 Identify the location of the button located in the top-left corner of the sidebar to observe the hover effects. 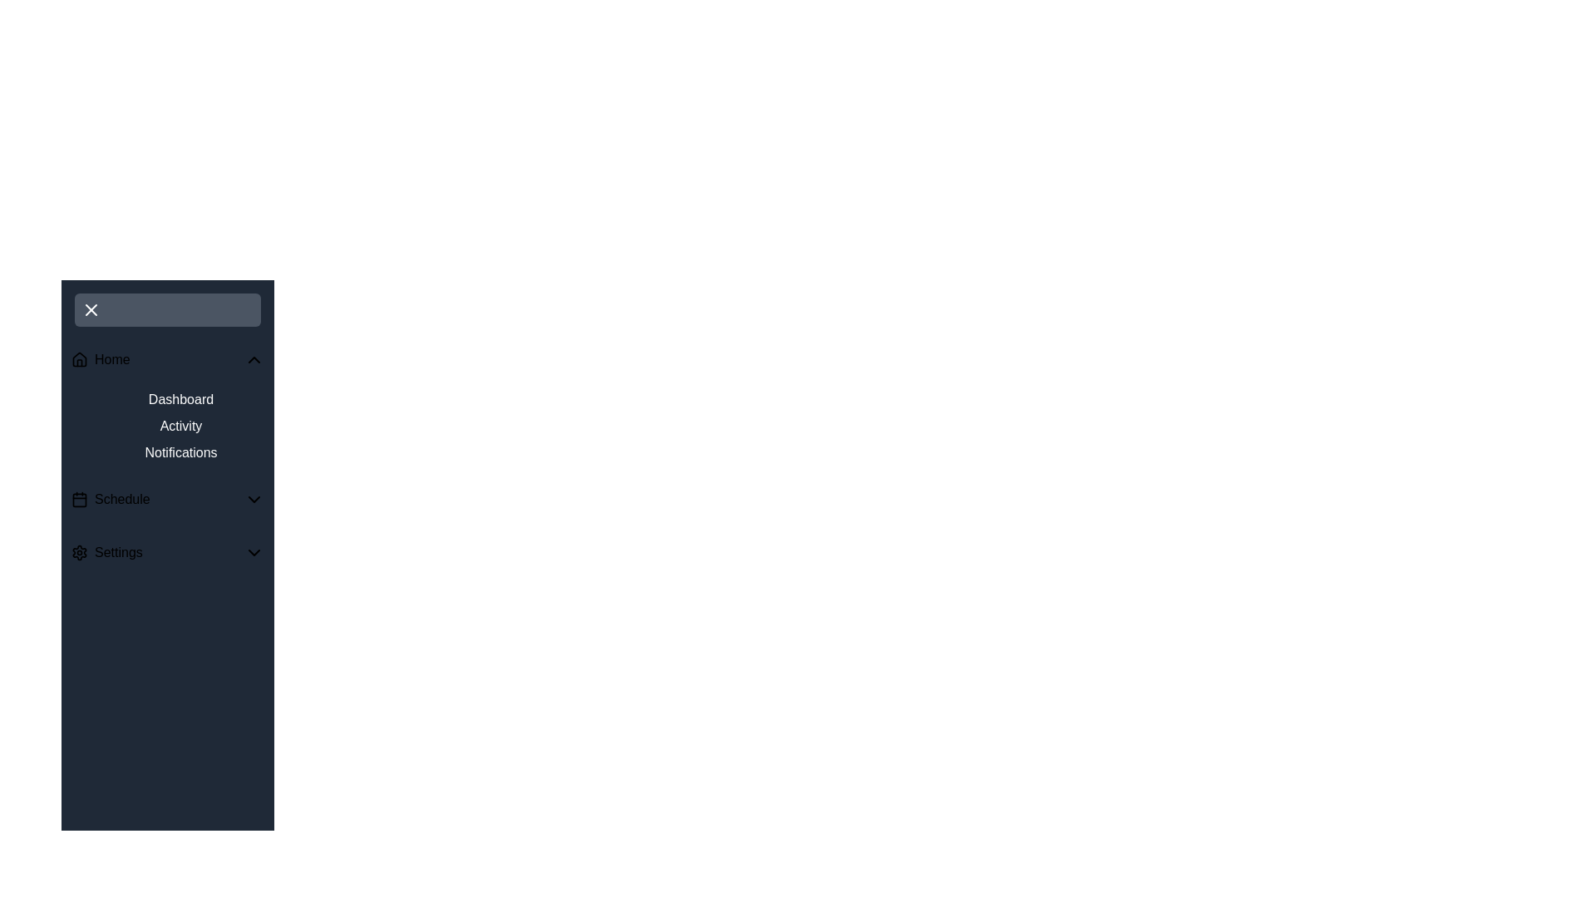
(167, 310).